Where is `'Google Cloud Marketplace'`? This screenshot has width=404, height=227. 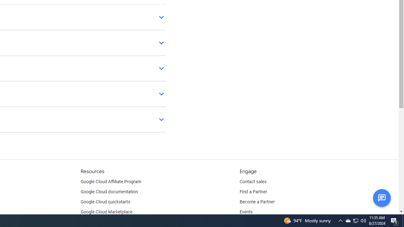 'Google Cloud Marketplace' is located at coordinates (106, 212).